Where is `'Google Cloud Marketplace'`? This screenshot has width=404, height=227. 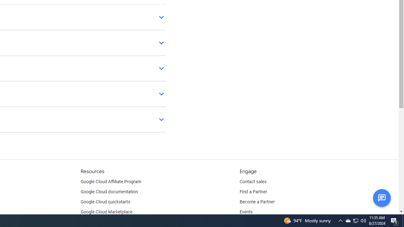 'Google Cloud Marketplace' is located at coordinates (106, 212).